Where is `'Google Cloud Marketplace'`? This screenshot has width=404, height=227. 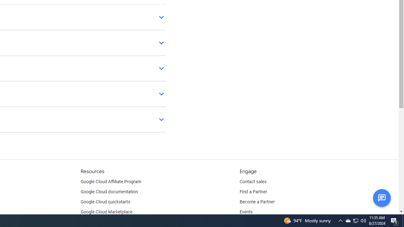 'Google Cloud Marketplace' is located at coordinates (106, 212).